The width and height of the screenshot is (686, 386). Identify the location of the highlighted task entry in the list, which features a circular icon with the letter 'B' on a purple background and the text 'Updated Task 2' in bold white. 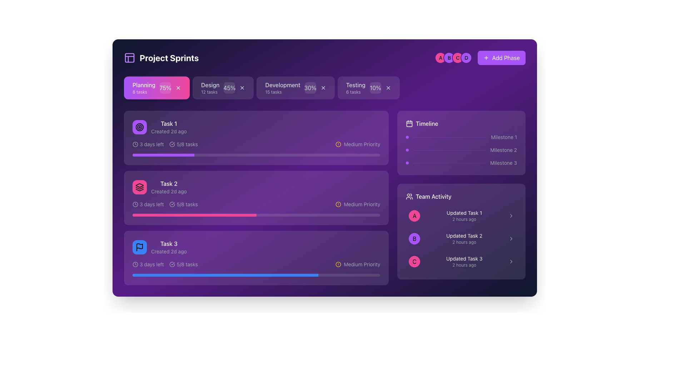
(461, 238).